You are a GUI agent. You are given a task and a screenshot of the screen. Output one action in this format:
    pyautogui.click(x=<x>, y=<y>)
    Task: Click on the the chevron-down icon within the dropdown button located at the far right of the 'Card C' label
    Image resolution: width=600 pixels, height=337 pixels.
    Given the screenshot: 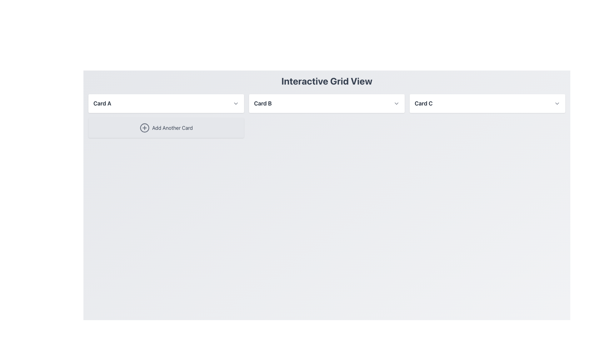 What is the action you would take?
    pyautogui.click(x=557, y=103)
    